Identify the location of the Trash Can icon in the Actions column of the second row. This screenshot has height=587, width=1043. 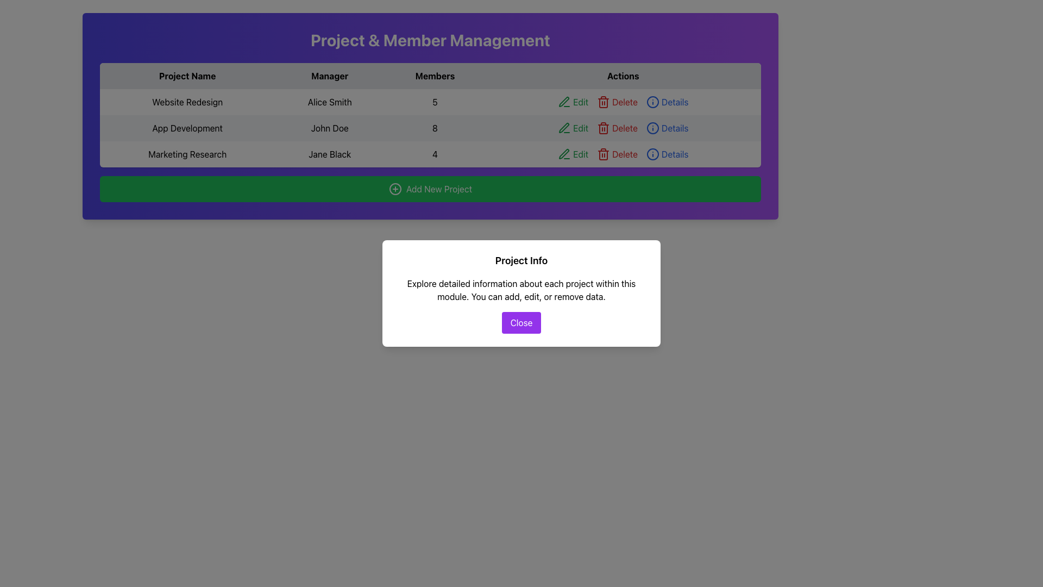
(603, 127).